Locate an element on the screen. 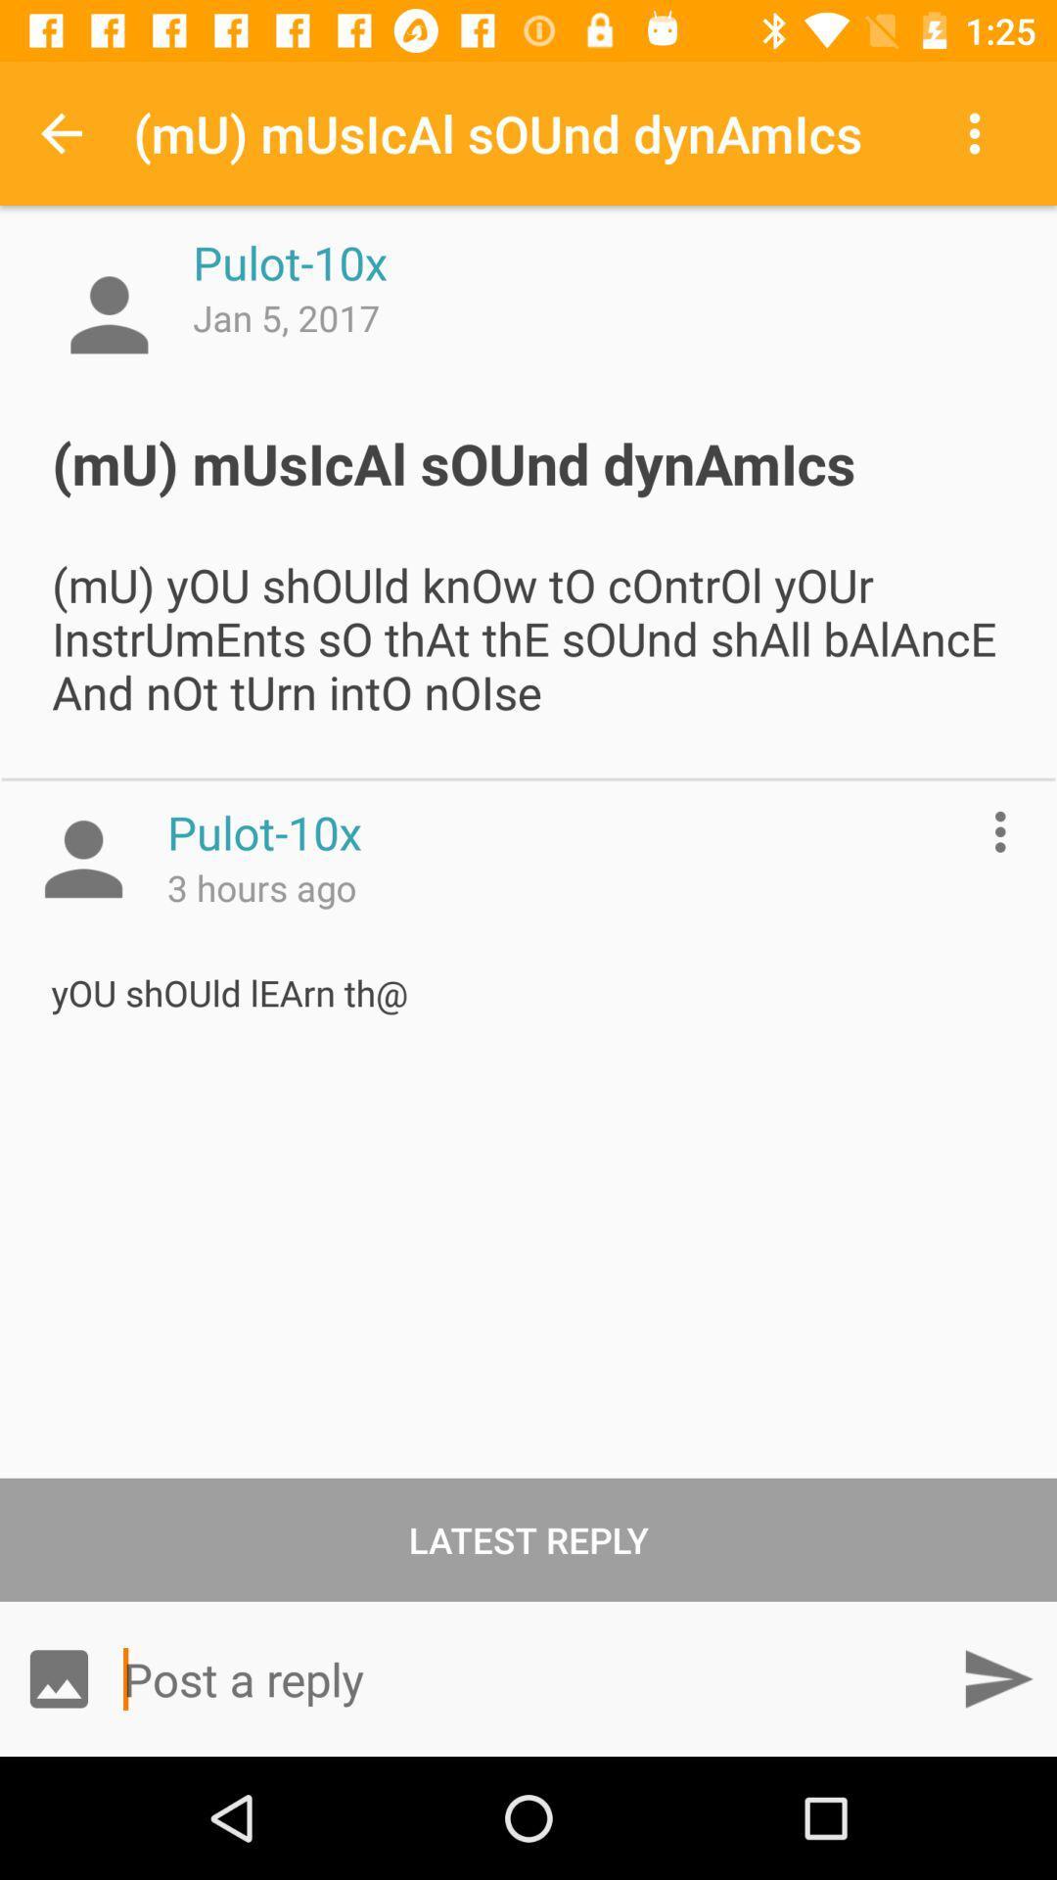 The height and width of the screenshot is (1880, 1057). the wallpaper icon is located at coordinates (58, 1677).